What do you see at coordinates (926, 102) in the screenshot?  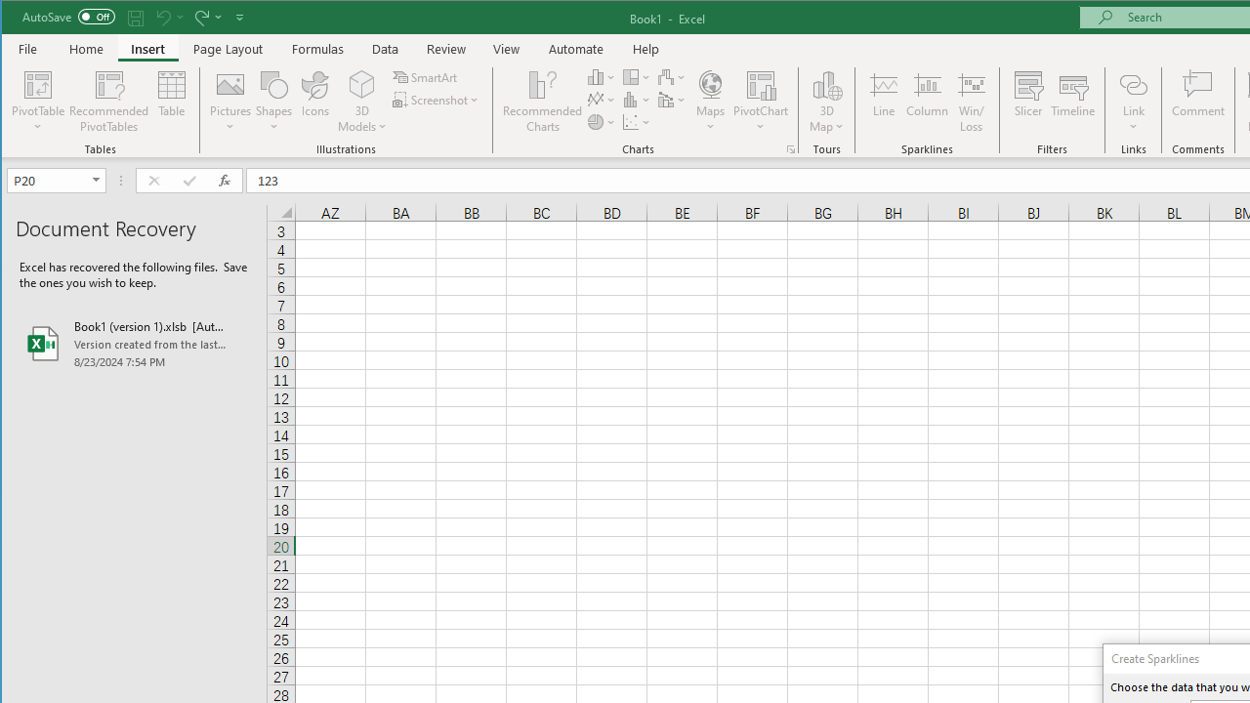 I see `'Column'` at bounding box center [926, 102].